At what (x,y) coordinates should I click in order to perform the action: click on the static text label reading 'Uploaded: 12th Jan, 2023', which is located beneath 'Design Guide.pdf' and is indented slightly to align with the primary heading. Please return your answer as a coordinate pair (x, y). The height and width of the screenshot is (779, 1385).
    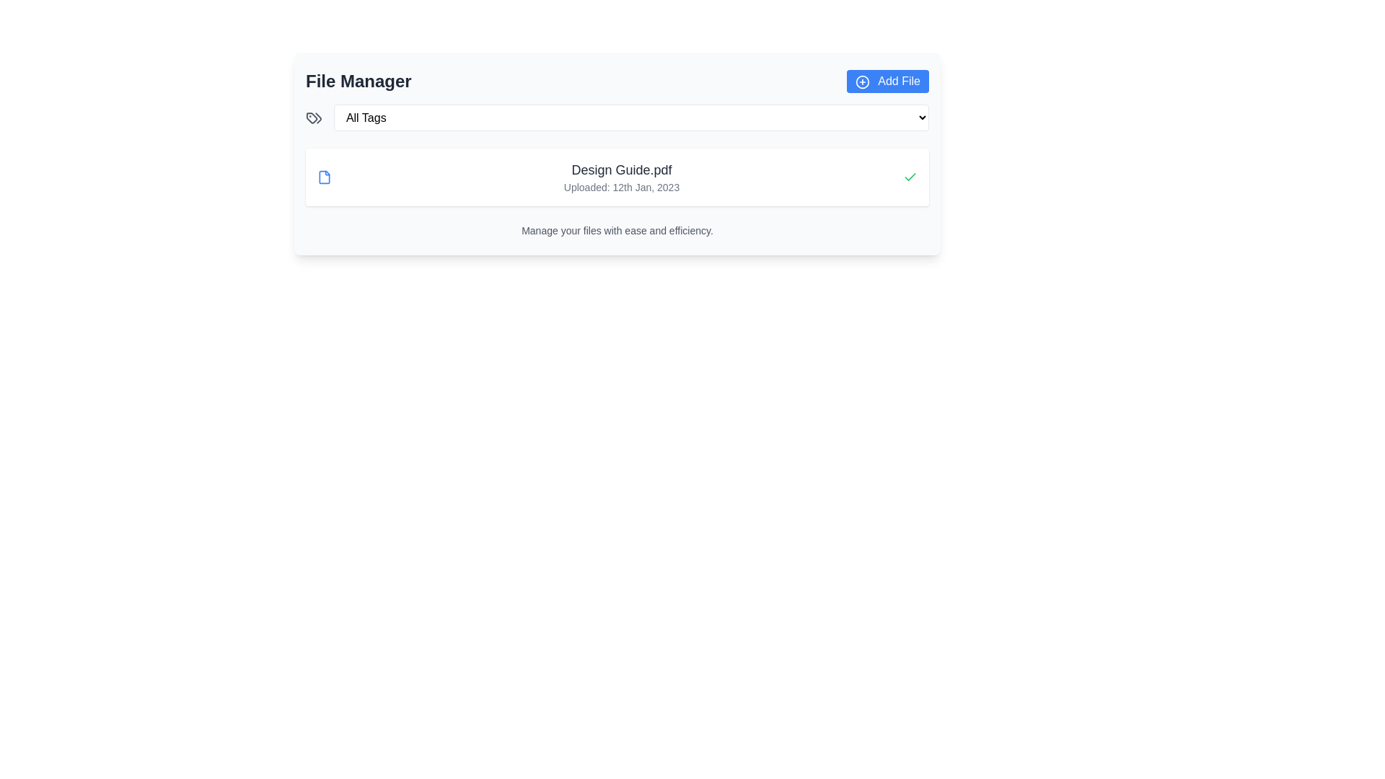
    Looking at the image, I should click on (622, 186).